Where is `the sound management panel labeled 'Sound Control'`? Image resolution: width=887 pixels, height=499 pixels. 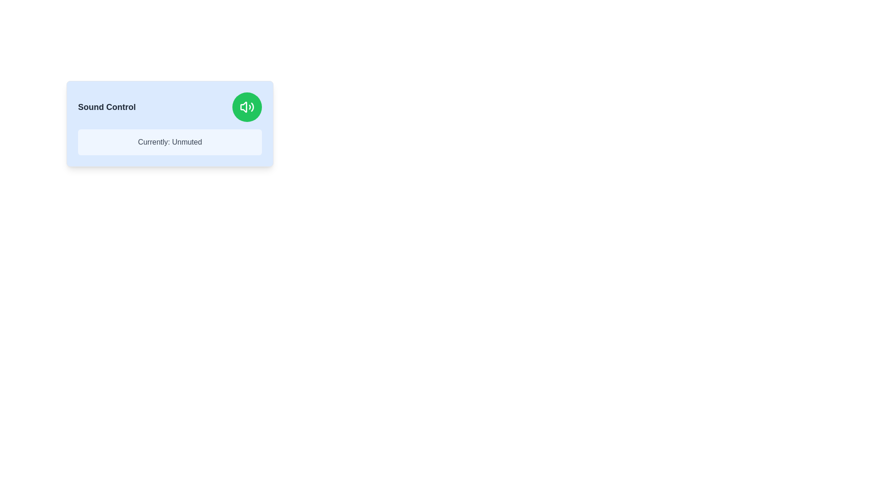
the sound management panel labeled 'Sound Control' is located at coordinates (170, 123).